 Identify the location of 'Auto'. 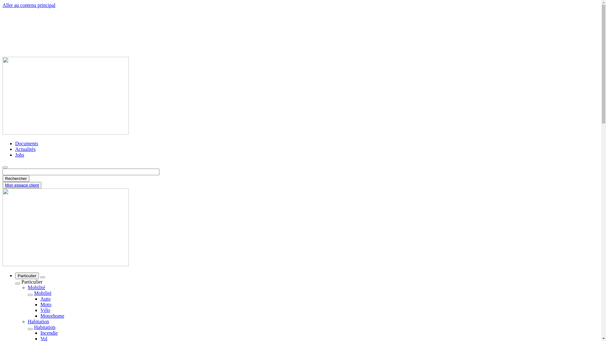
(40, 298).